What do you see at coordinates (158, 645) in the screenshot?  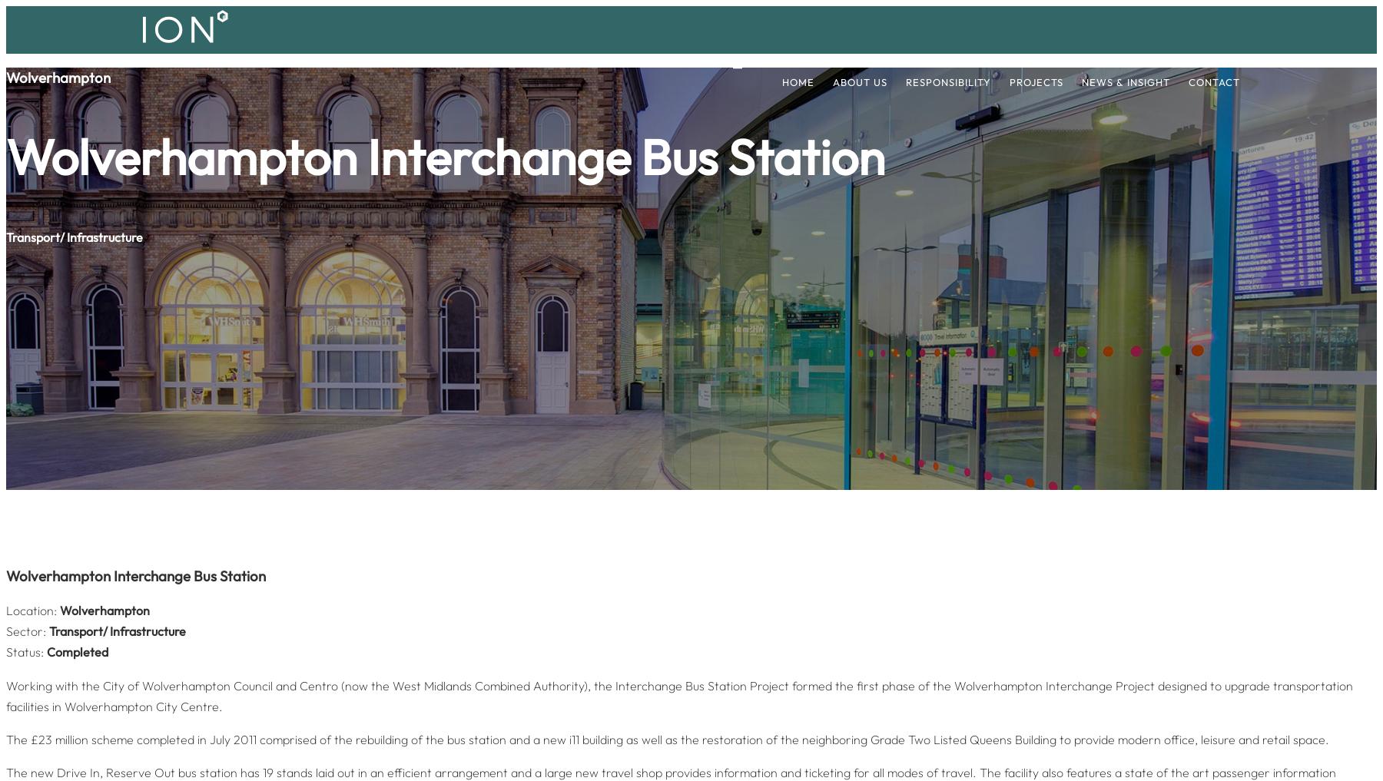 I see `'+44 (0)151 293 1010'` at bounding box center [158, 645].